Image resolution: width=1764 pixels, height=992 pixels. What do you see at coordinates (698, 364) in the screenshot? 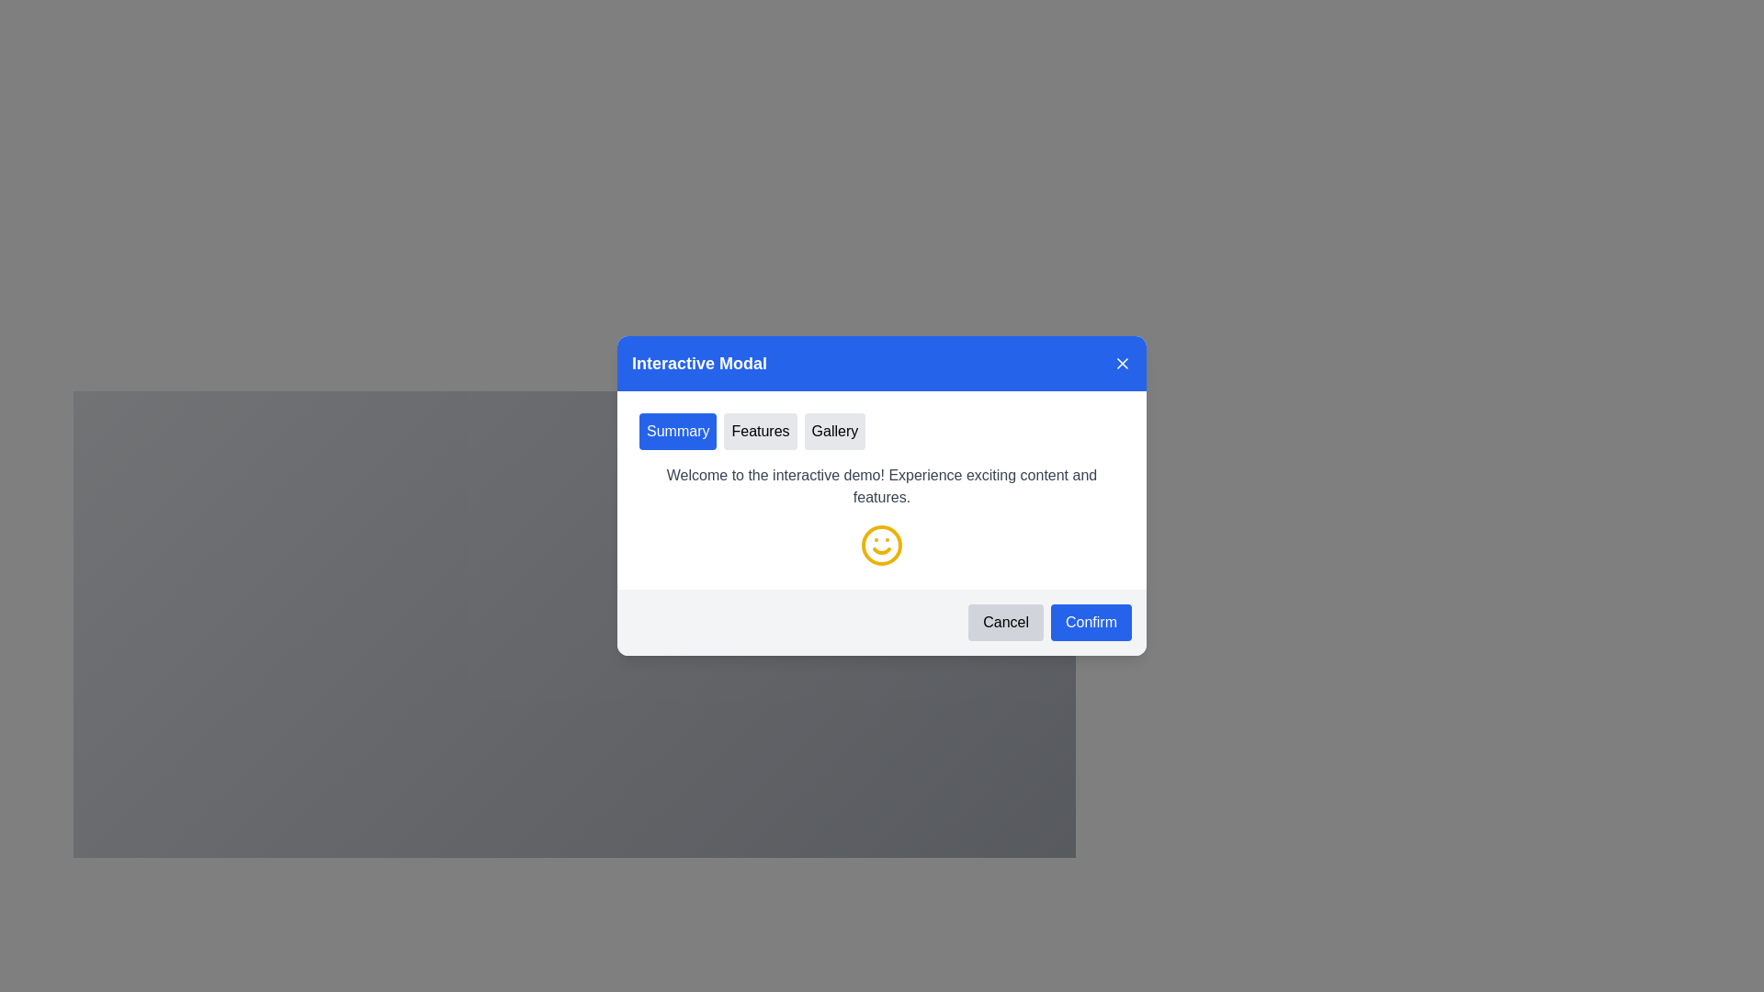
I see `the title text label in the header section of the modal dialog box, which is centered in the blue bar` at bounding box center [698, 364].